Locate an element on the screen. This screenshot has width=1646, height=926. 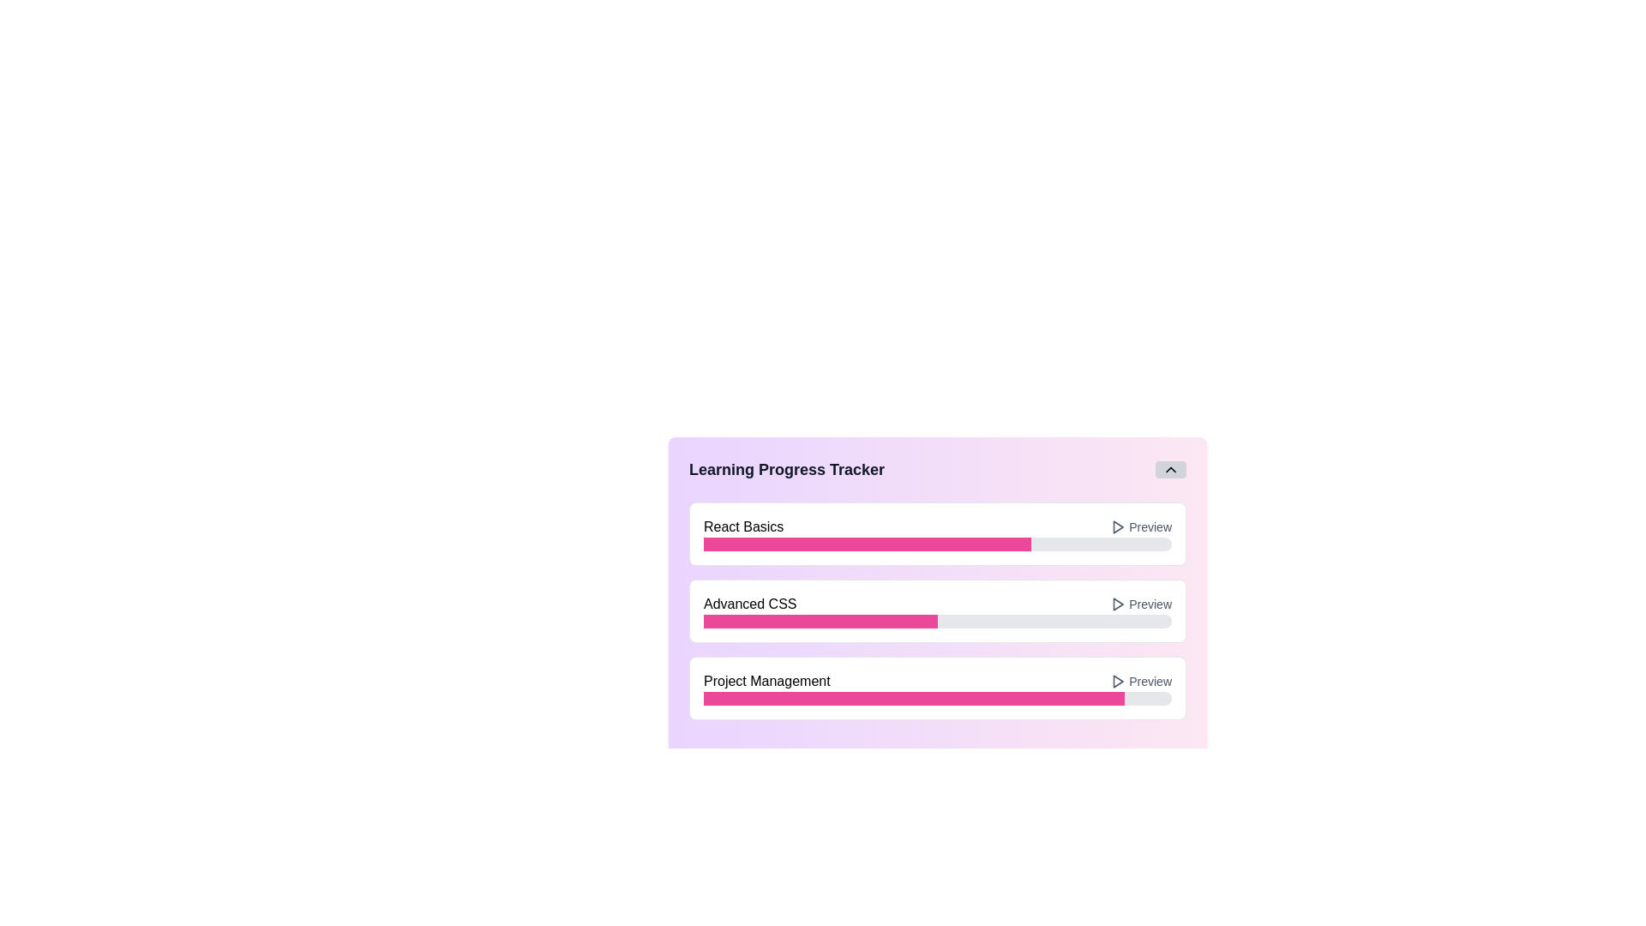
the play action icon button located next to the 'Advanced CSS' label is located at coordinates (1118, 604).